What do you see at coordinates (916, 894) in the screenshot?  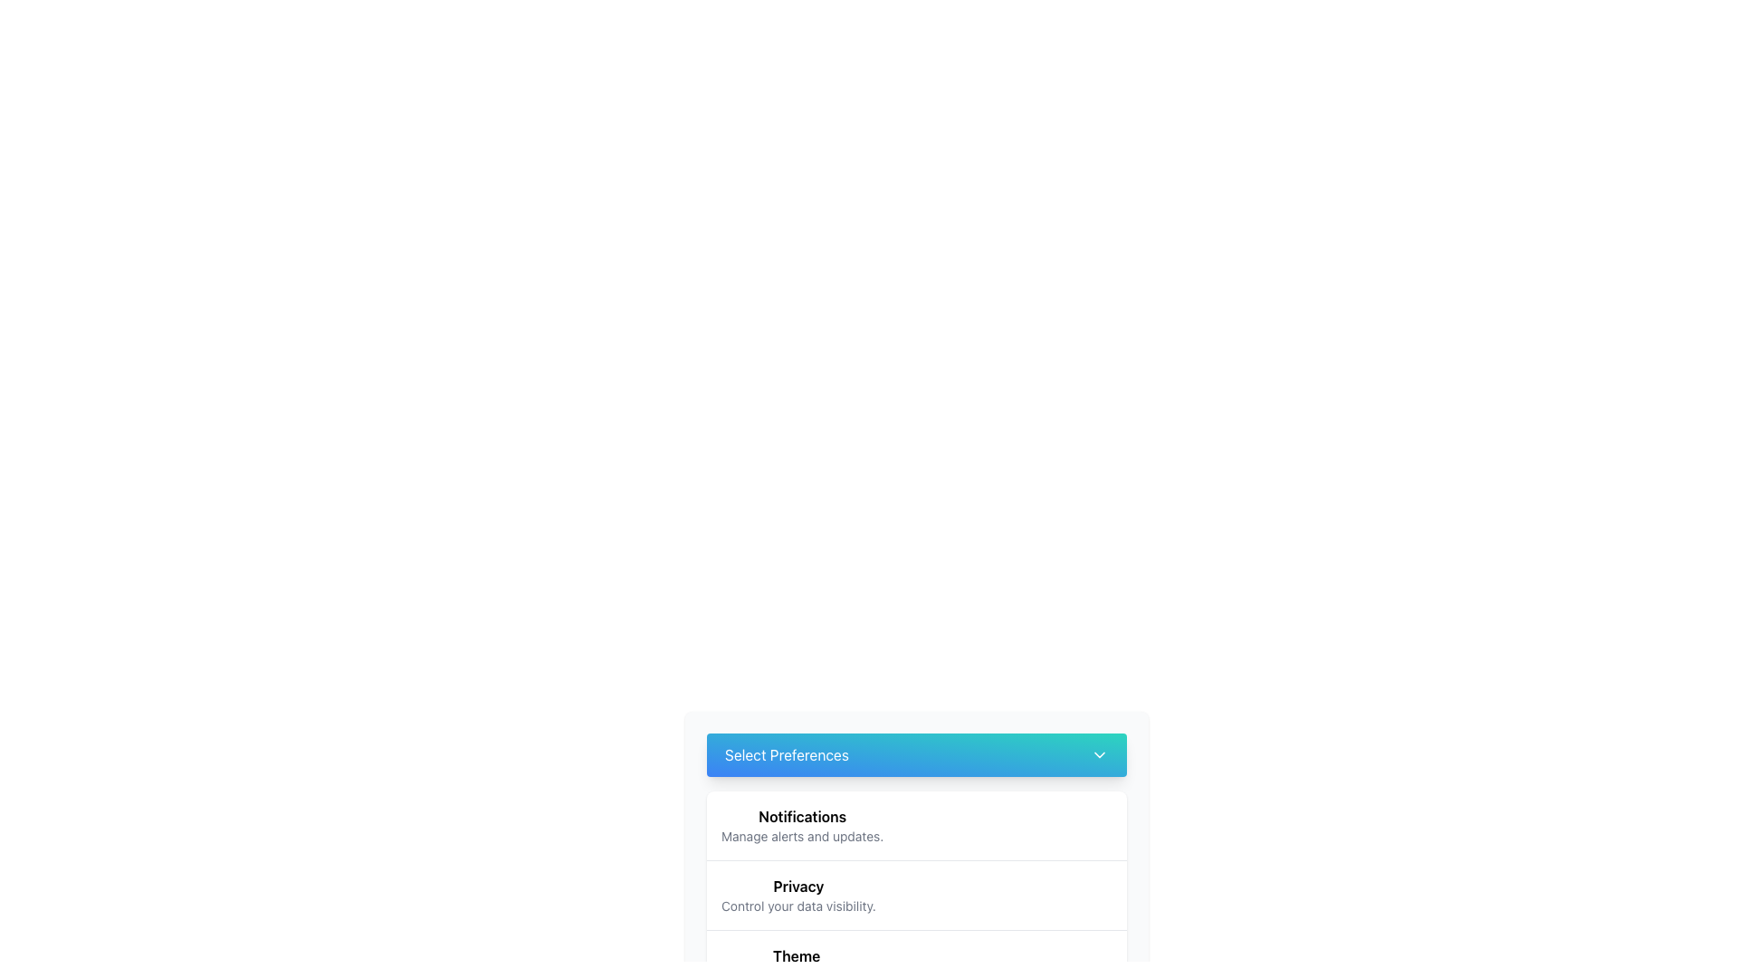 I see `the List Item element displaying 'Privacy'` at bounding box center [916, 894].